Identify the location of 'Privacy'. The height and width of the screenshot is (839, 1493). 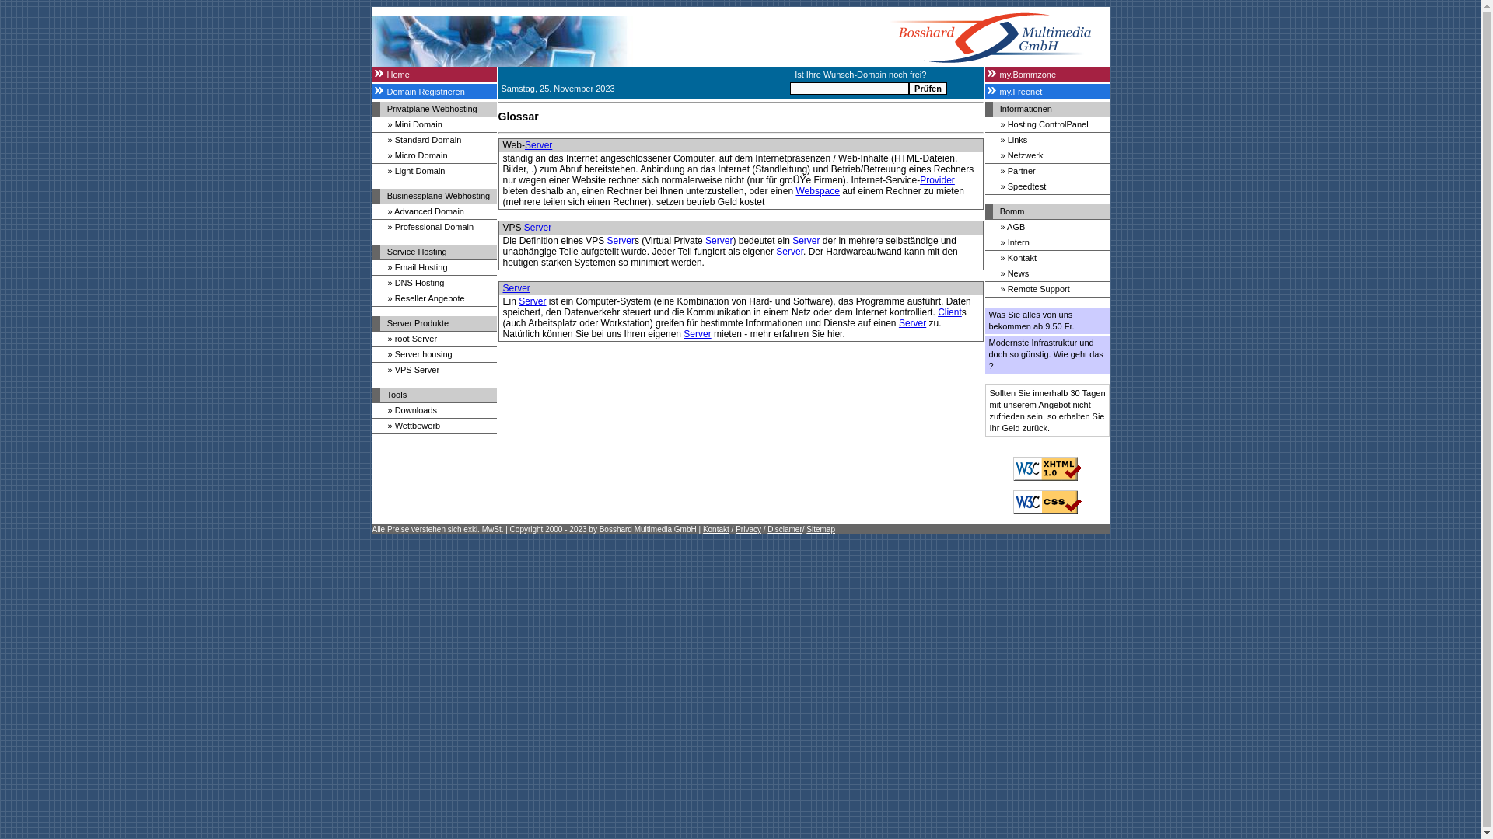
(734, 528).